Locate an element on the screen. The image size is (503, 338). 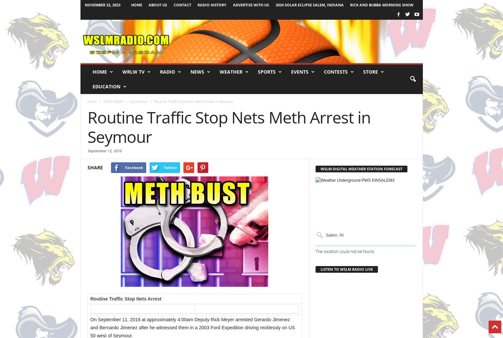
'WSLM NEWS' is located at coordinates (112, 101).